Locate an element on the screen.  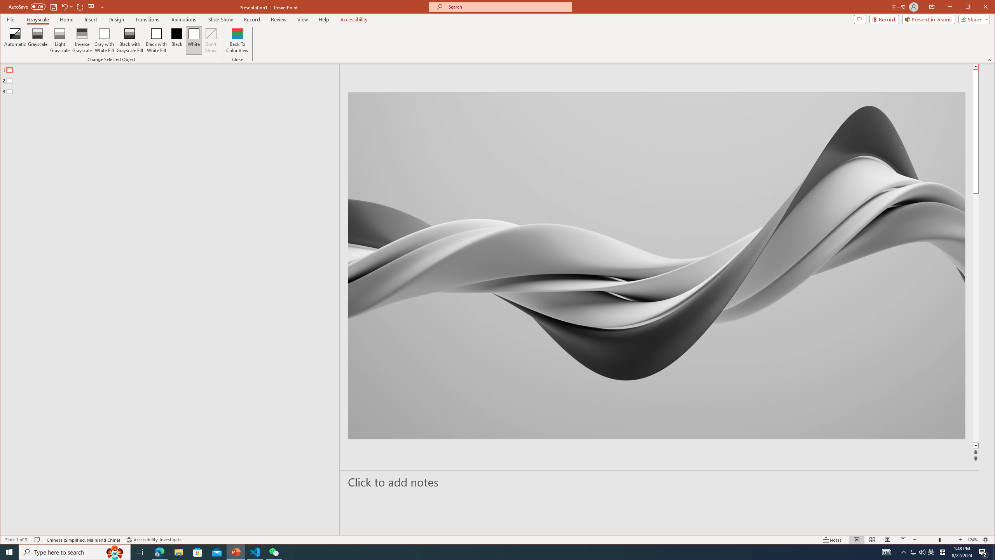
'Spell Check No Errors' is located at coordinates (38, 539).